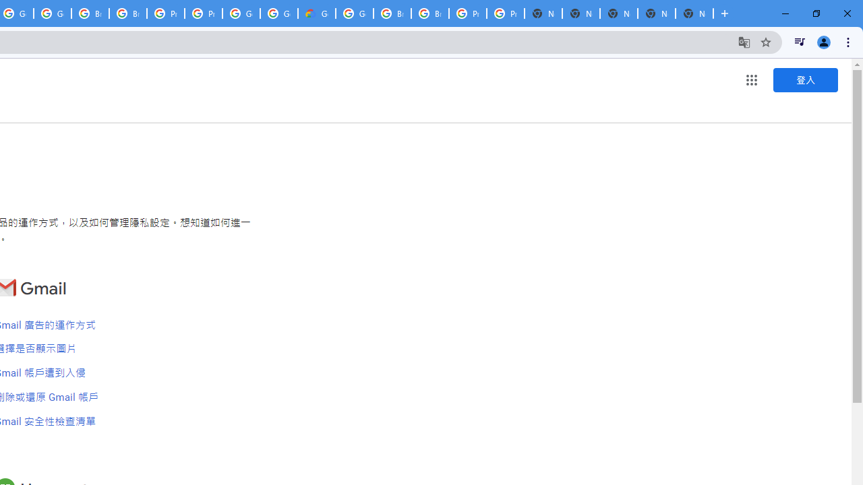 Image resolution: width=863 pixels, height=485 pixels. Describe the element at coordinates (355, 13) in the screenshot. I see `'Google Cloud Platform'` at that location.